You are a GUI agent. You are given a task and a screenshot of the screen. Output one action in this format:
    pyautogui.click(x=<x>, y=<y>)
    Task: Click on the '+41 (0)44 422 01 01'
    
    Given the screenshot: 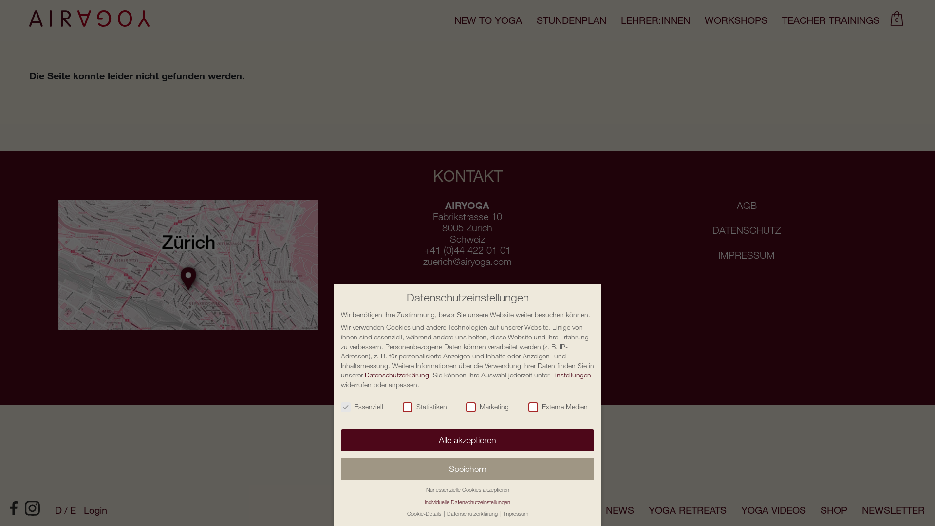 What is the action you would take?
    pyautogui.click(x=467, y=249)
    